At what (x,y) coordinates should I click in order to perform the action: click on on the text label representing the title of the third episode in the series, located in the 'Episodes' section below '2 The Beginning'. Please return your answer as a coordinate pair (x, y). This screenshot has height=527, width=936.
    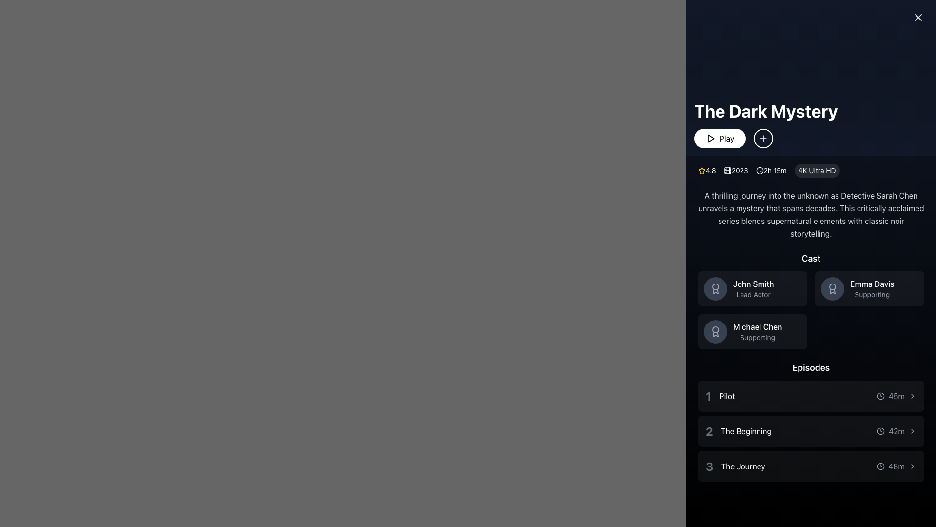
    Looking at the image, I should click on (742, 466).